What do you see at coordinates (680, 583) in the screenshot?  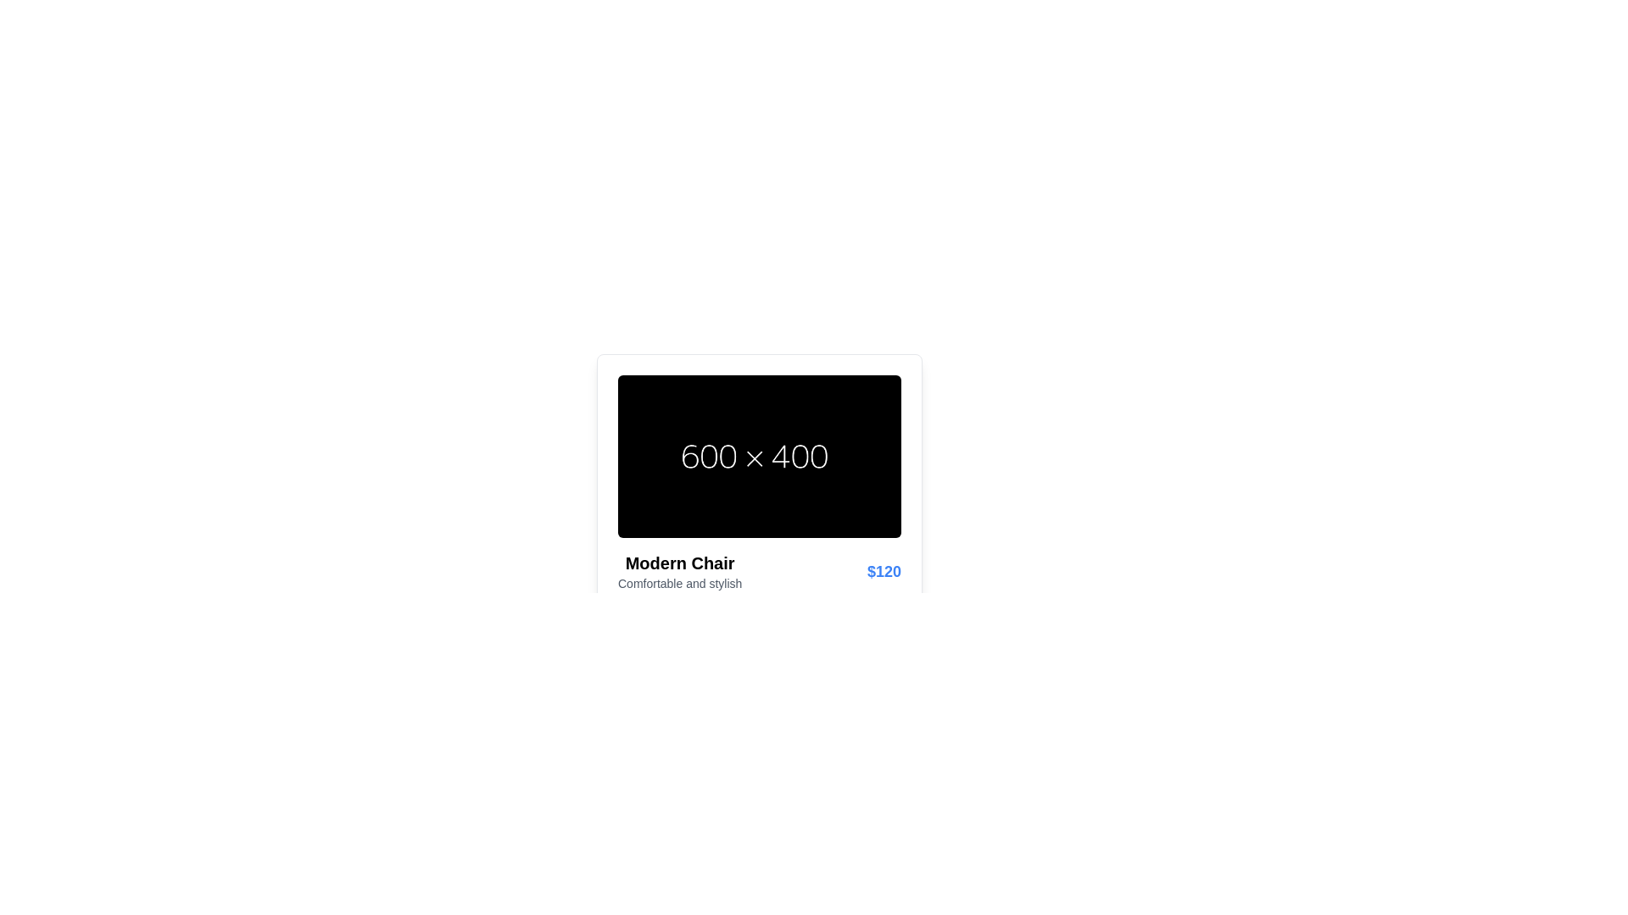 I see `the descriptive tagline text element located below the title 'Modern Chair', which provides context about the product's qualities ('Comfortable and stylish')` at bounding box center [680, 583].